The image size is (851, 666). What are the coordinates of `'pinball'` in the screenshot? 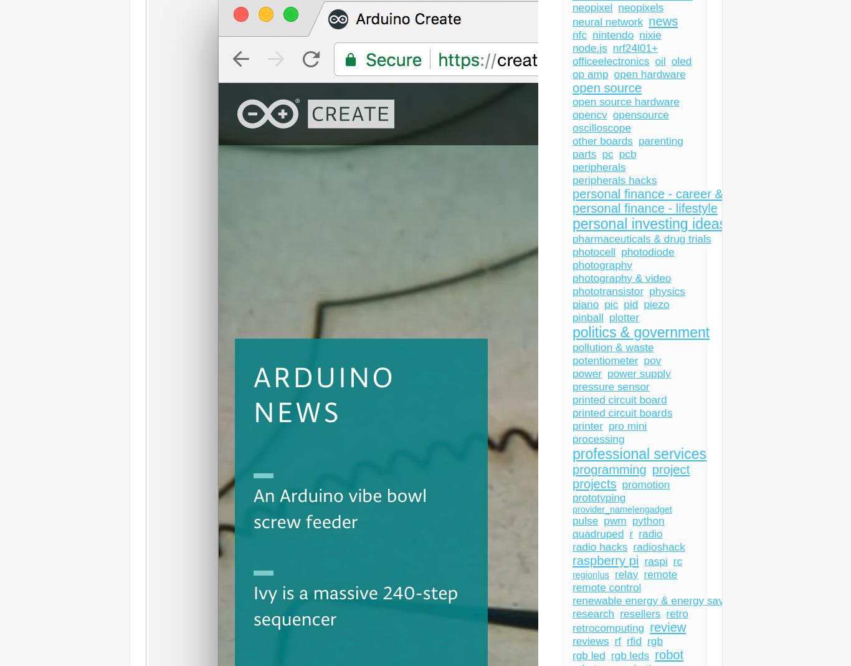 It's located at (573, 317).